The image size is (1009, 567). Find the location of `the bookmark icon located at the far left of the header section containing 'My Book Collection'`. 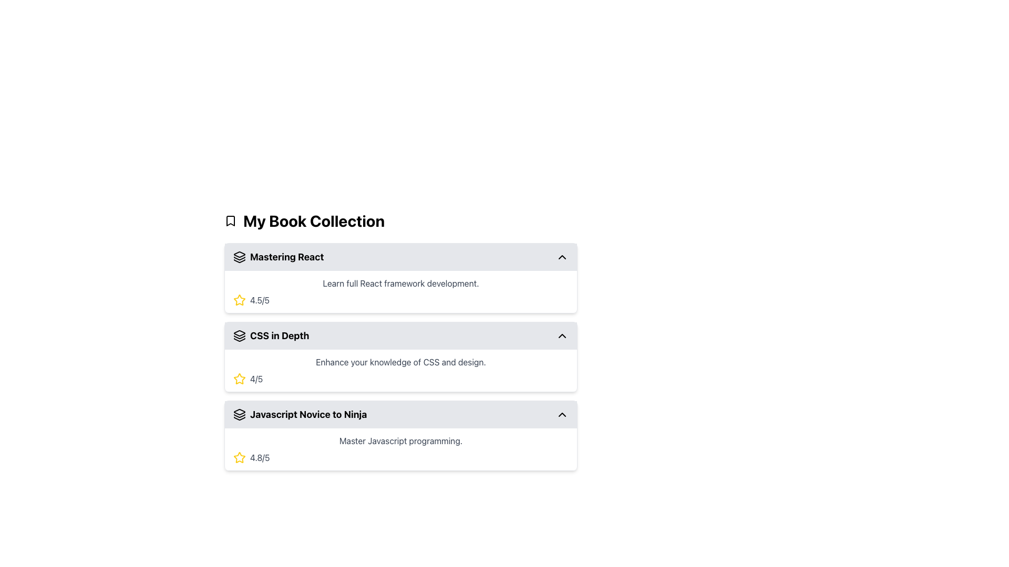

the bookmark icon located at the far left of the header section containing 'My Book Collection' is located at coordinates (230, 220).